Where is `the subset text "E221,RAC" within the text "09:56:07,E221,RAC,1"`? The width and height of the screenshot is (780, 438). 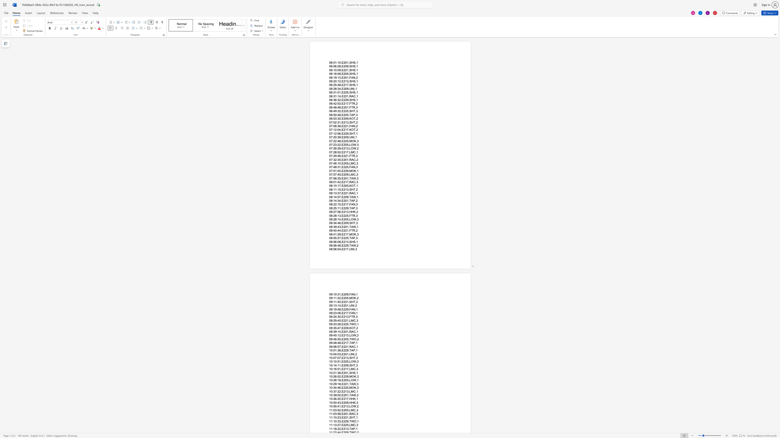
the subset text "E221,RAC" within the text "09:56:07,E221,RAC,1" is located at coordinates (341, 346).